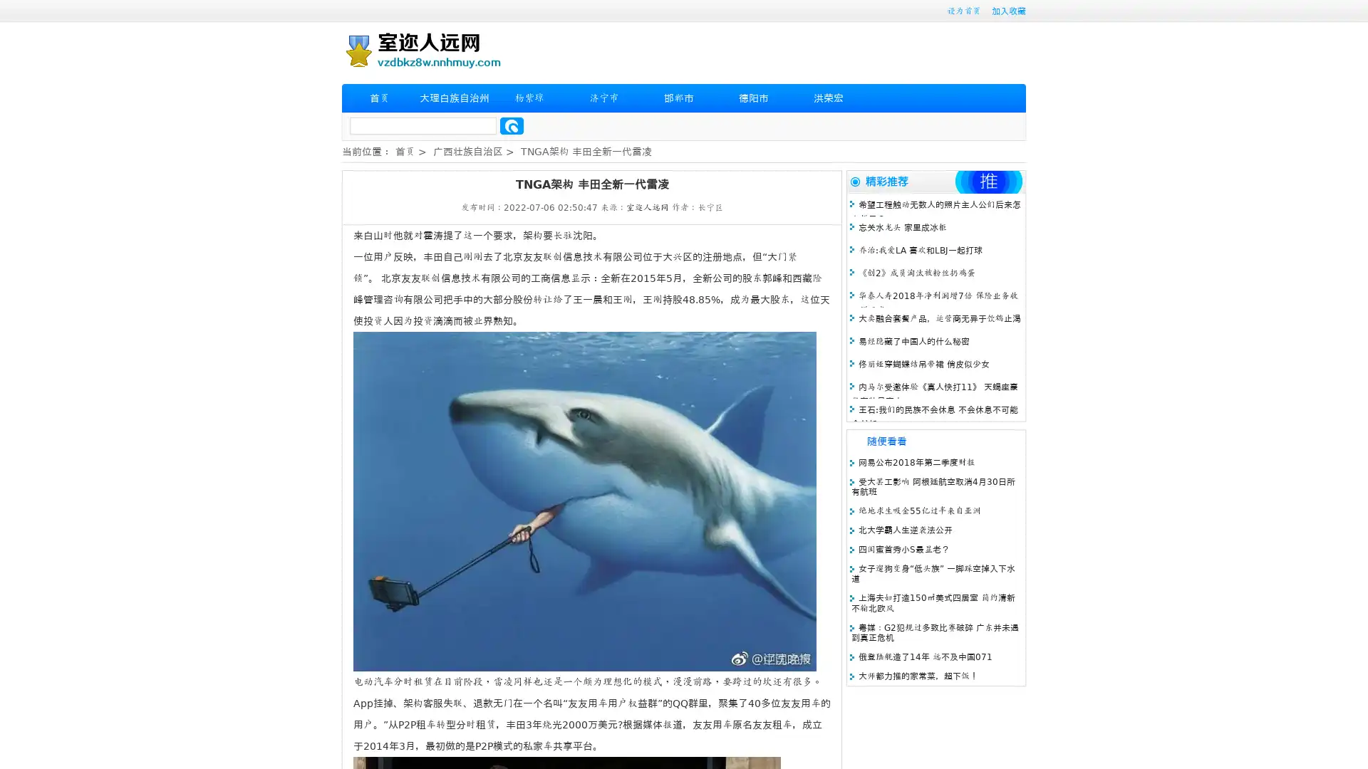 The width and height of the screenshot is (1368, 769). What do you see at coordinates (512, 125) in the screenshot?
I see `Search` at bounding box center [512, 125].